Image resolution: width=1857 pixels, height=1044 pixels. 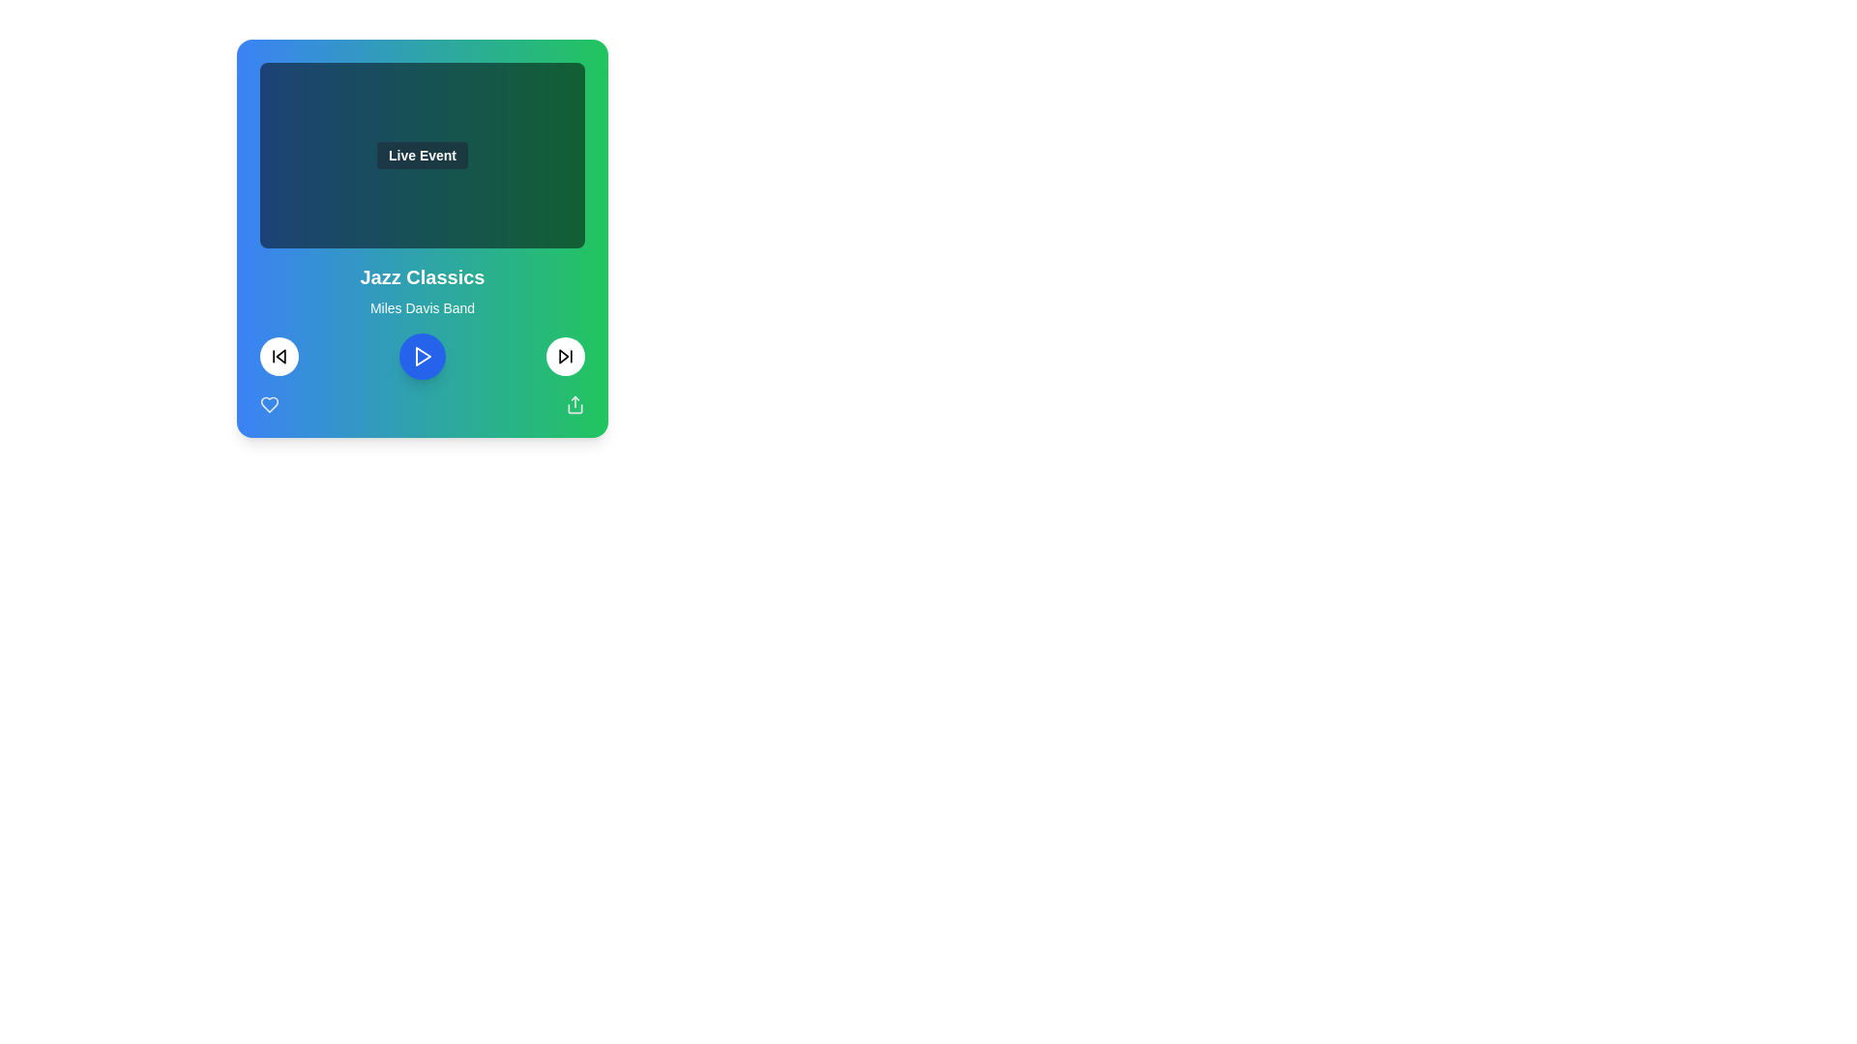 What do you see at coordinates (422, 357) in the screenshot?
I see `the play button icon, which is a triangle centered within a blue circle in the music player interface` at bounding box center [422, 357].